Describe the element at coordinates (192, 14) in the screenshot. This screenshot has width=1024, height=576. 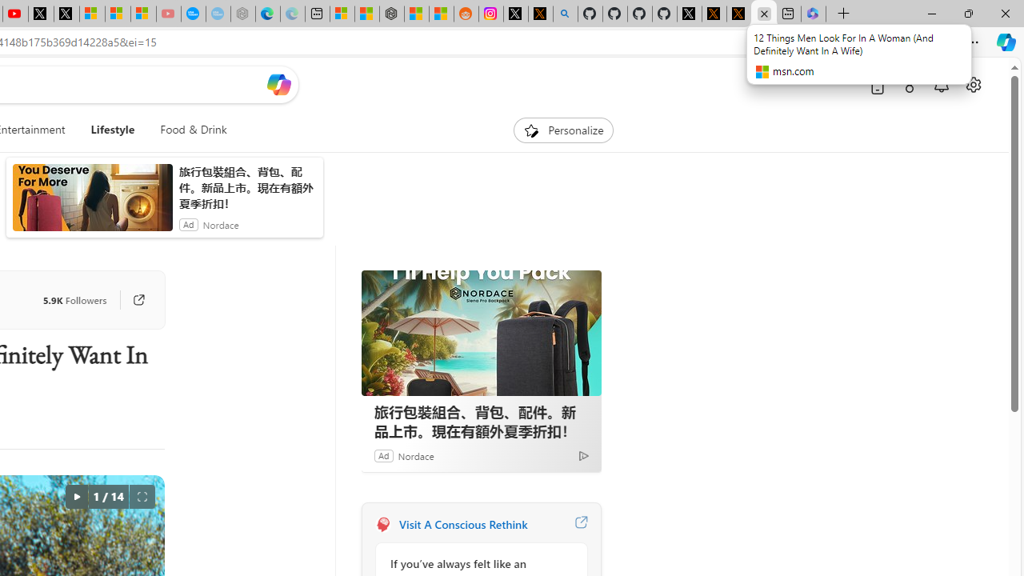
I see `'Opinion: Op-Ed and Commentary - USA TODAY'` at that location.